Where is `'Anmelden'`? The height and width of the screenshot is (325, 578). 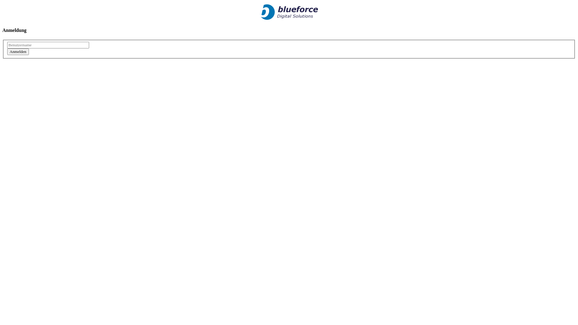 'Anmelden' is located at coordinates (18, 51).